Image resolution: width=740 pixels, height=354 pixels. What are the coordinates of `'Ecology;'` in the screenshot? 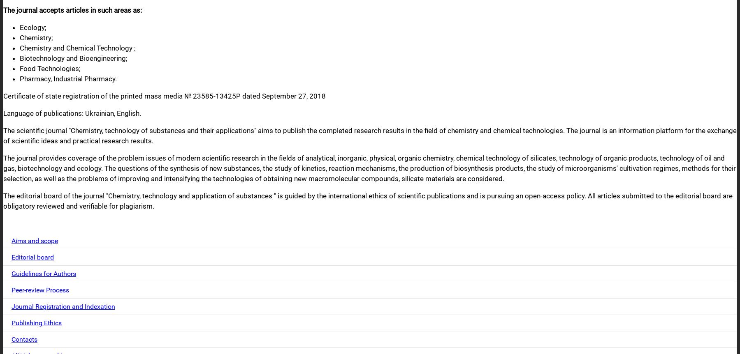 It's located at (32, 27).